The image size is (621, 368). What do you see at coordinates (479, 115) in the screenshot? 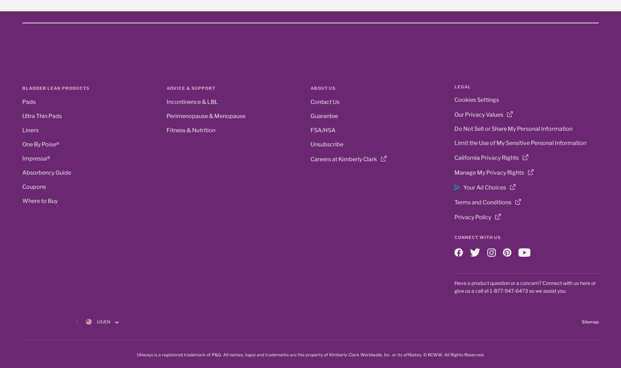
I see `'Our Privacy Values'` at bounding box center [479, 115].